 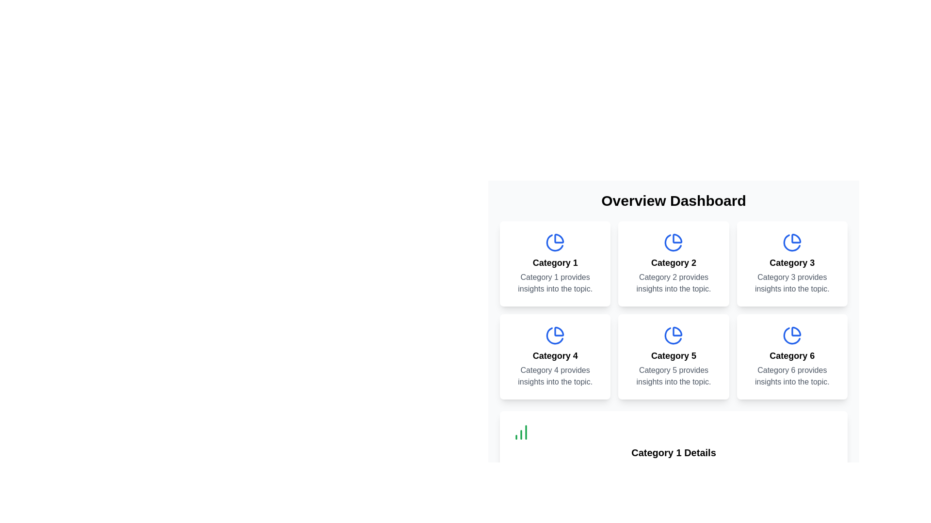 I want to click on supplementary descriptive information text label located directly beneath the 'Category 5' title in the Overview Dashboard section of the fifth card, so click(x=673, y=375).